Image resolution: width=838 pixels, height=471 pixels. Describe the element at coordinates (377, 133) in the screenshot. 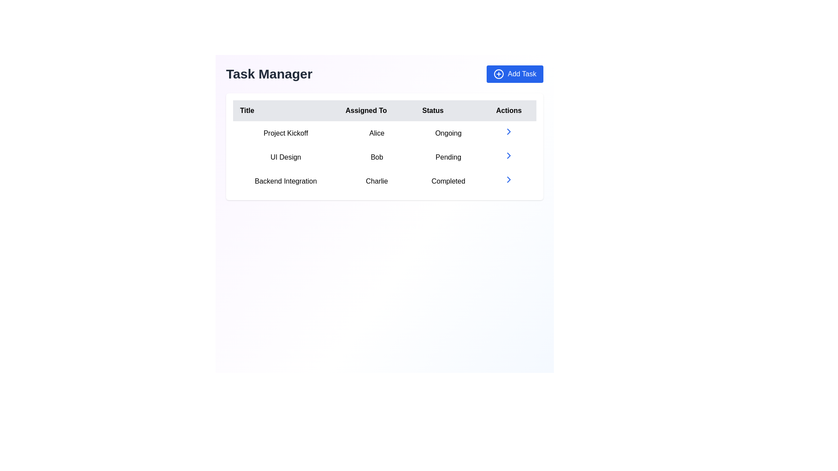

I see `the text label indicating the user assigned to the task in the second cell of the 'Assigned To' column for the 'Project Kickoff'` at that location.